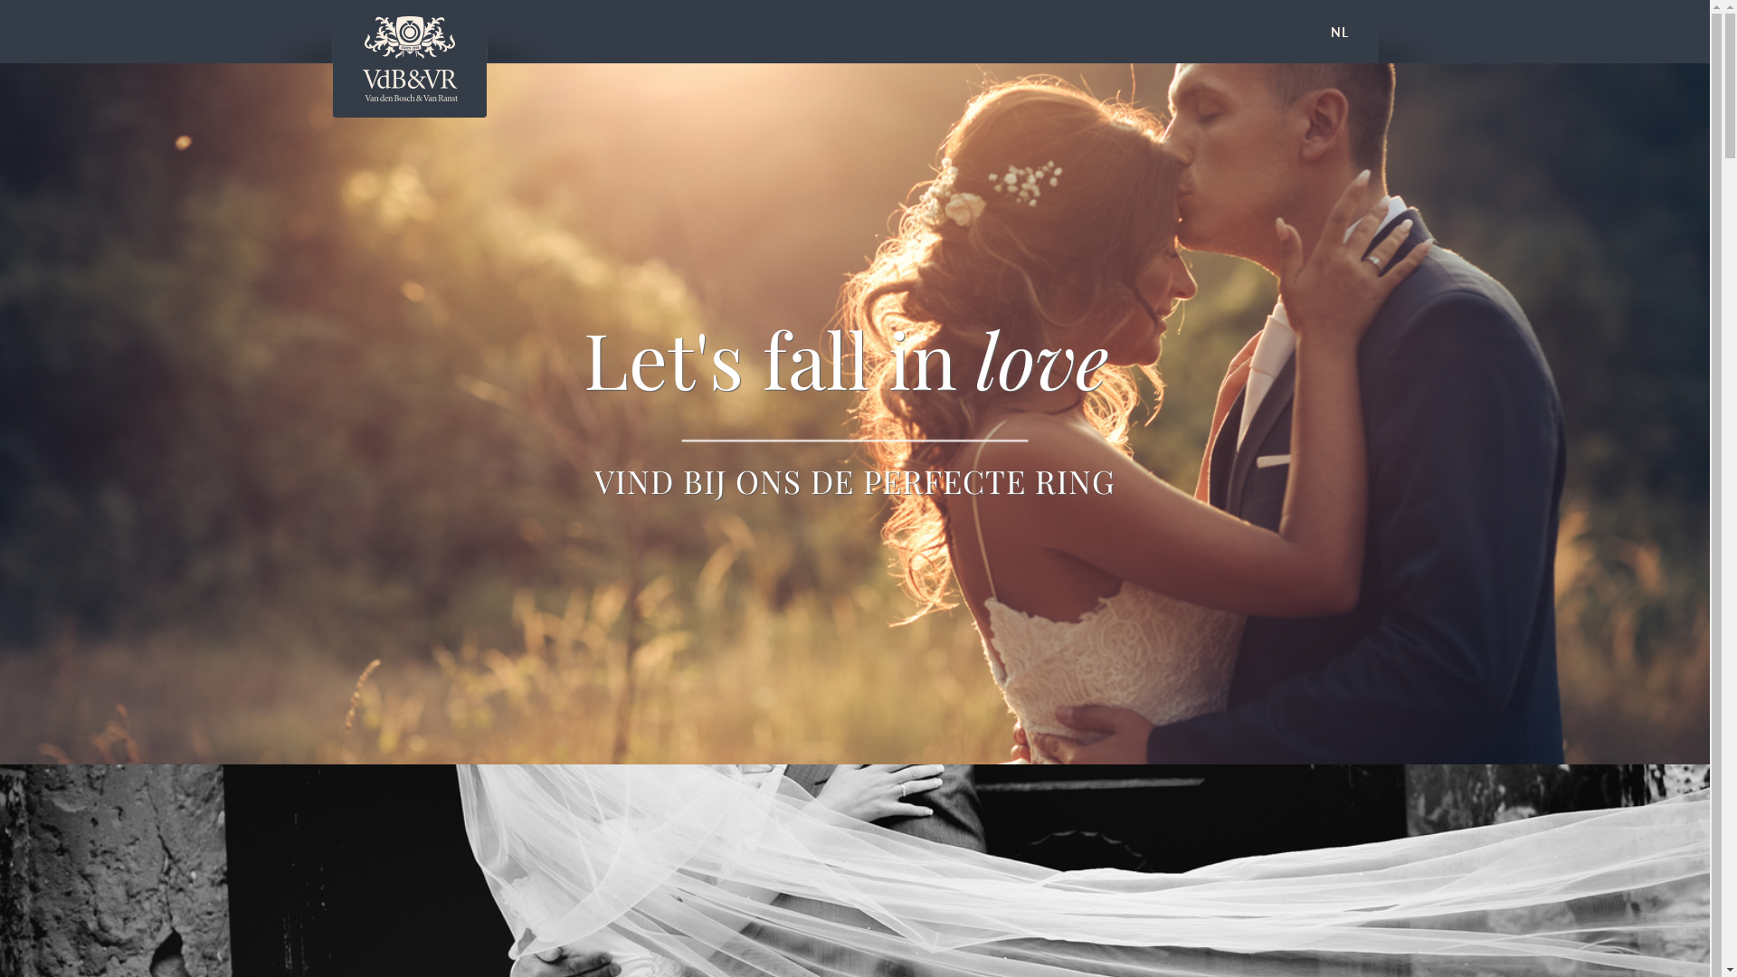 This screenshot has height=977, width=1737. What do you see at coordinates (1340, 31) in the screenshot?
I see `'NL'` at bounding box center [1340, 31].